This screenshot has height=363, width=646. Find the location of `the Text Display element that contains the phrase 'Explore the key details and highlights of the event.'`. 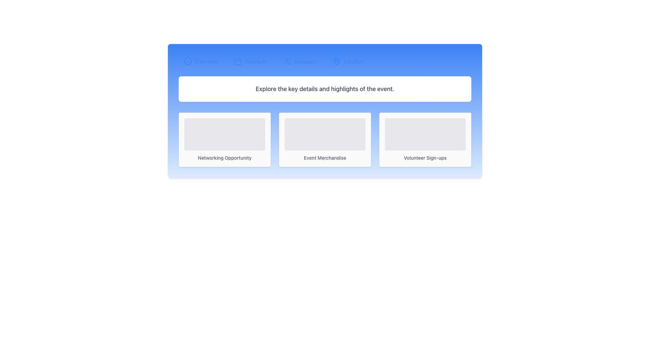

the Text Display element that contains the phrase 'Explore the key details and highlights of the event.' is located at coordinates (325, 89).